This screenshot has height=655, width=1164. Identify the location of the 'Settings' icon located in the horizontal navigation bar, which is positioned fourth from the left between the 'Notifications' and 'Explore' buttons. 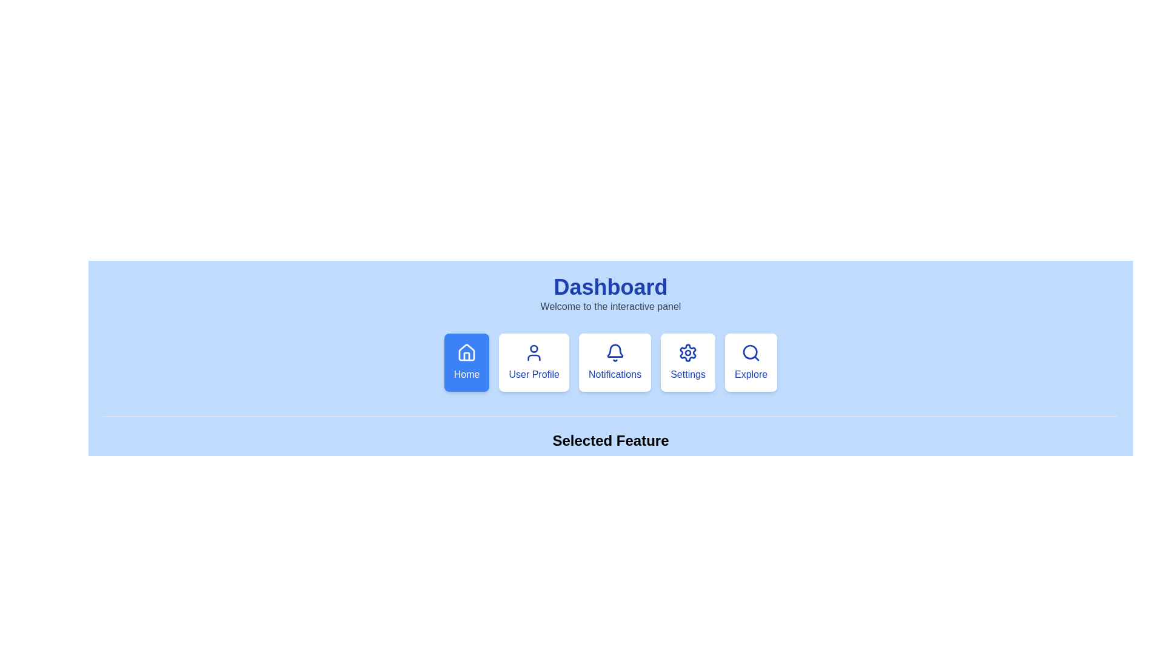
(688, 353).